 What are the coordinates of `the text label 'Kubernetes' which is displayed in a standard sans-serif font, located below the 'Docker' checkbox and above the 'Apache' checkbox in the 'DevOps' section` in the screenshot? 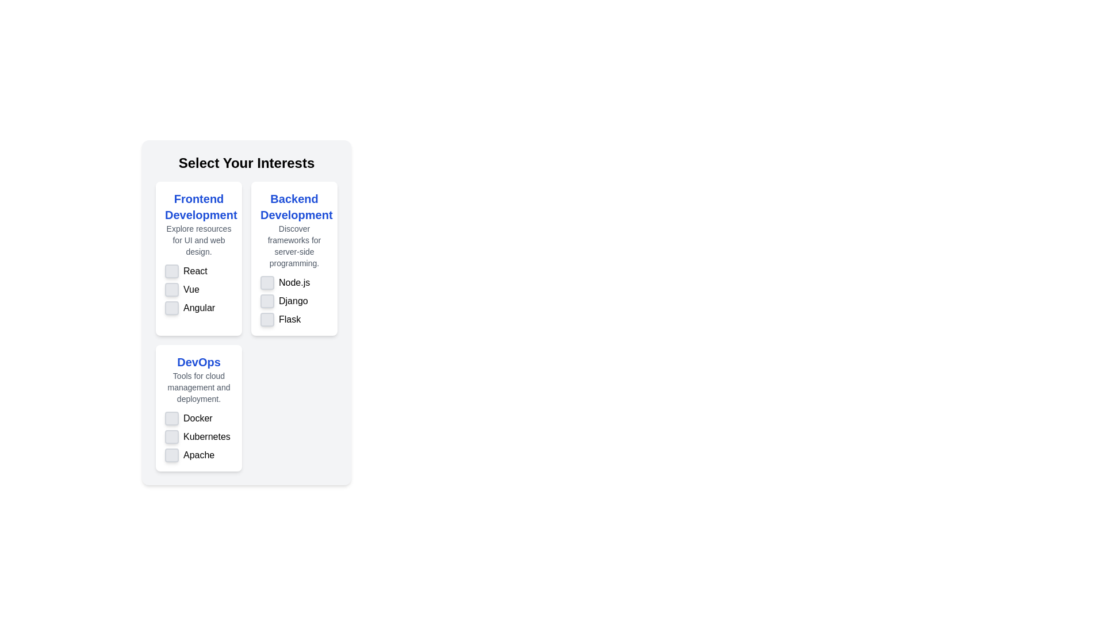 It's located at (207, 436).